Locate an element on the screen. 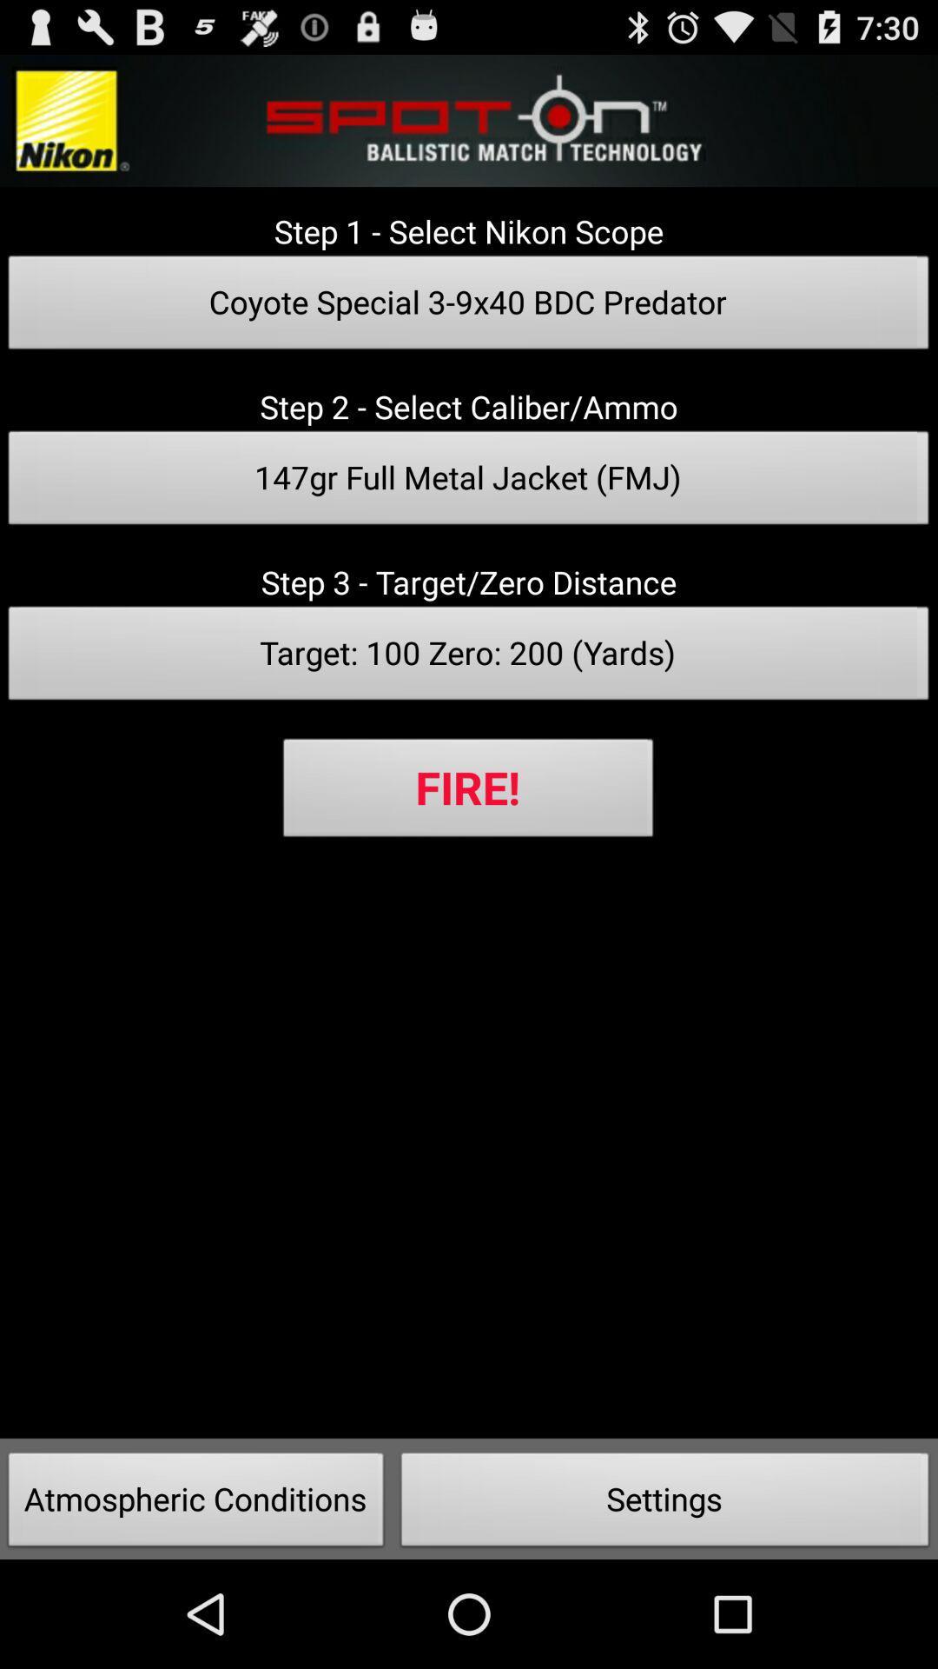  app below step 1 select icon is located at coordinates (469, 308).